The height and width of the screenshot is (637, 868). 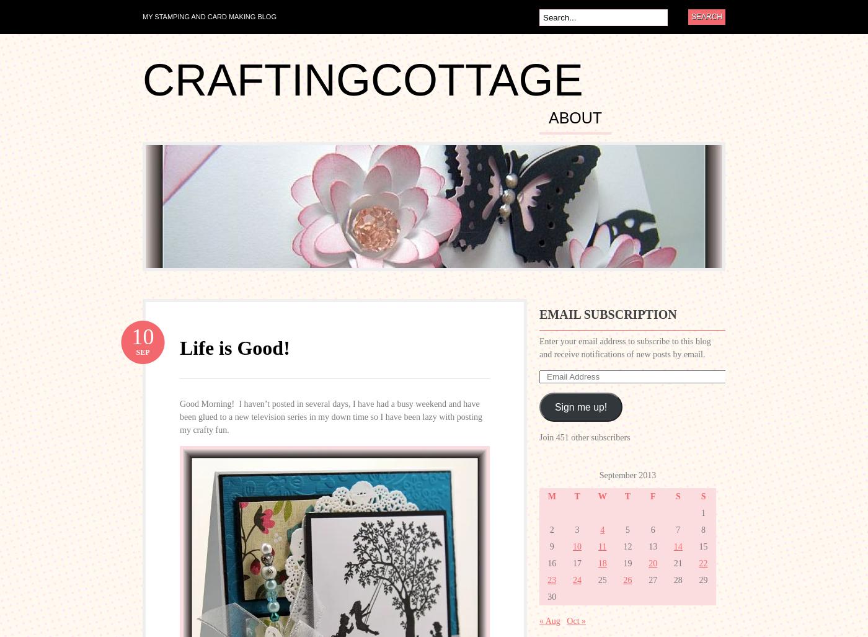 What do you see at coordinates (652, 546) in the screenshot?
I see `'13'` at bounding box center [652, 546].